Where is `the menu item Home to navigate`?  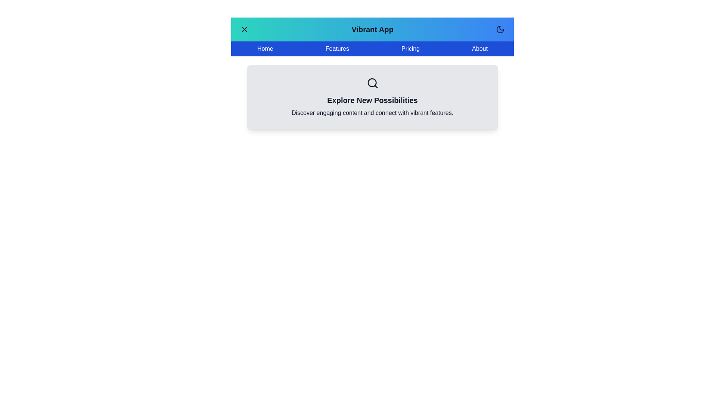 the menu item Home to navigate is located at coordinates (265, 49).